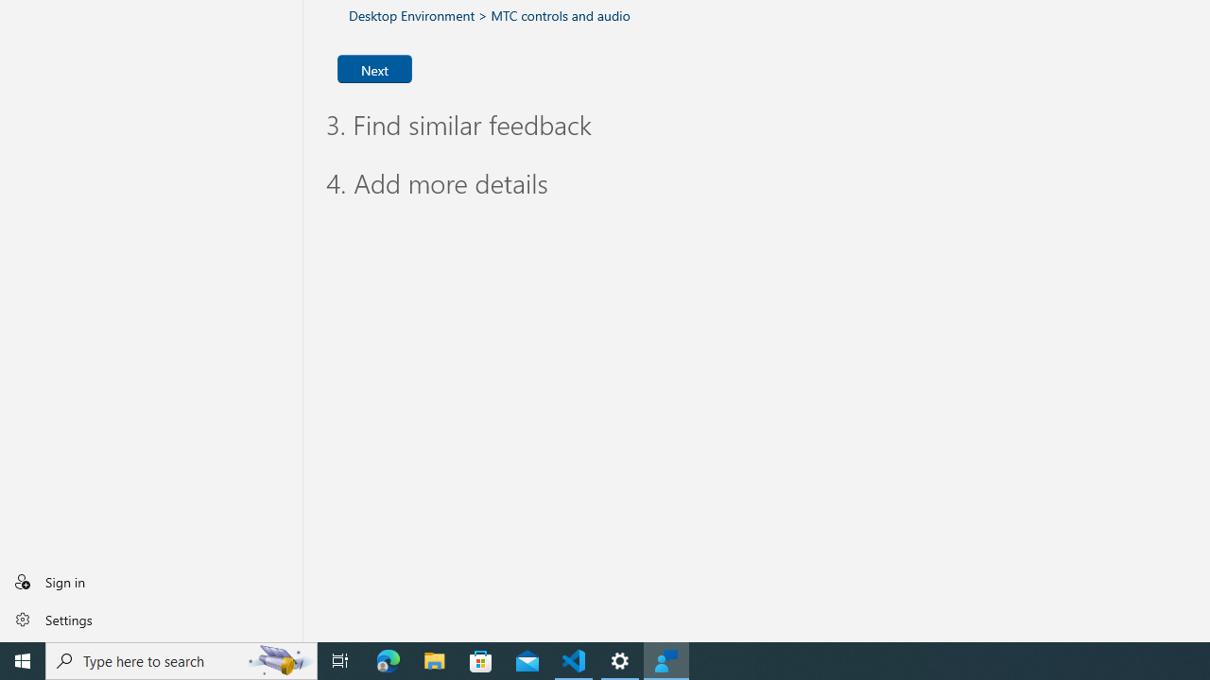 This screenshot has height=680, width=1210. I want to click on 'Feedback Hub - 1 running window', so click(666, 659).